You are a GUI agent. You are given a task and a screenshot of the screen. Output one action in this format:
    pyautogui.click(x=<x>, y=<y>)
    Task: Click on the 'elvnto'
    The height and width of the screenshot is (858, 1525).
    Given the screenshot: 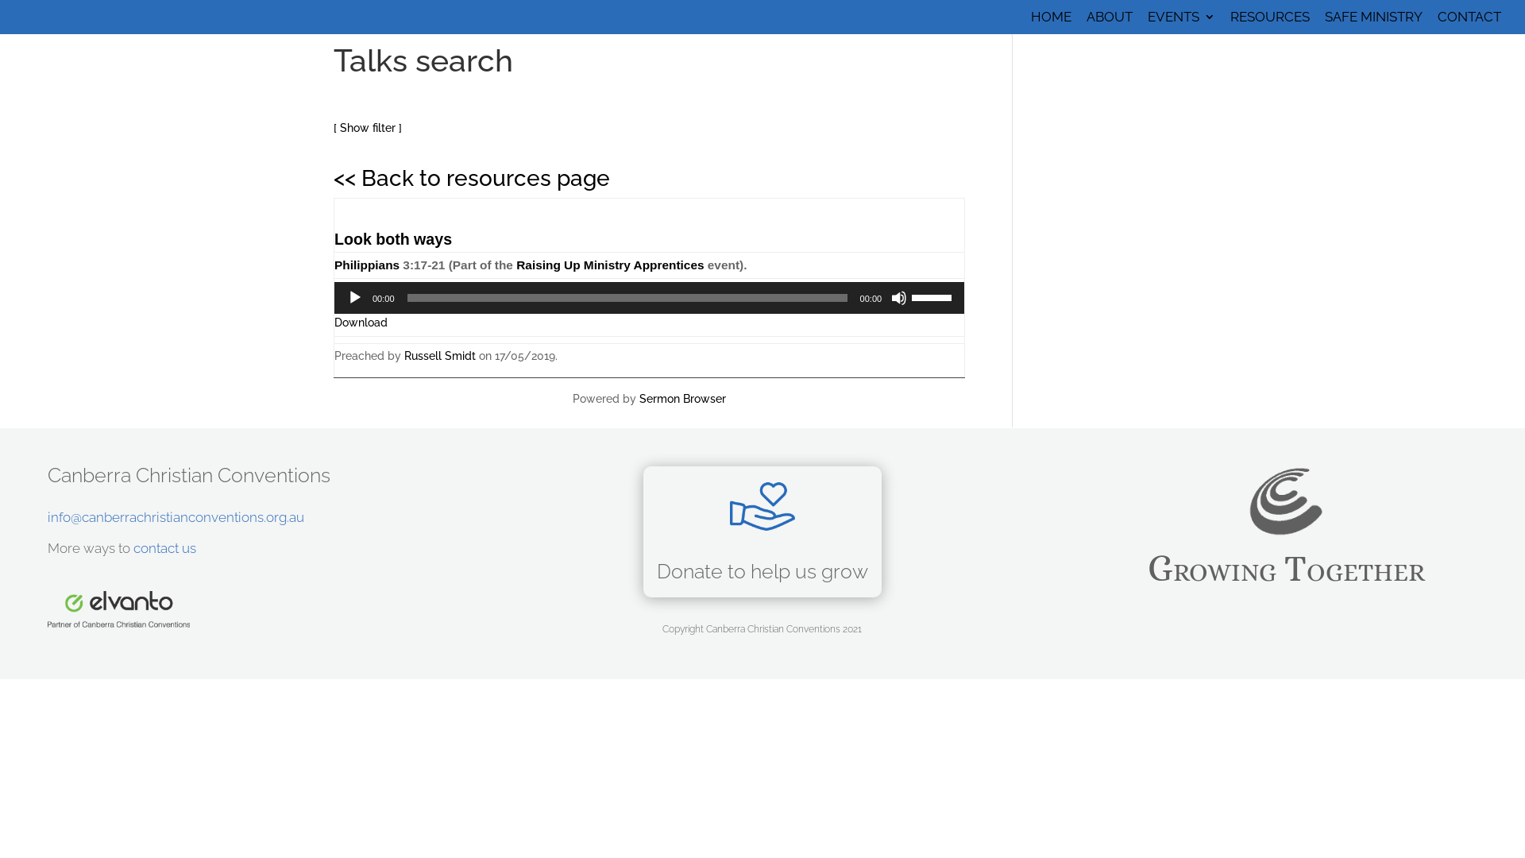 What is the action you would take?
    pyautogui.click(x=118, y=609)
    